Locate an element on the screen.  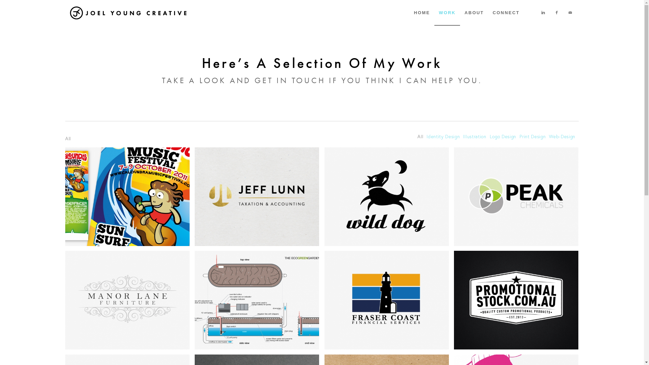
'Identity Design' is located at coordinates (443, 137).